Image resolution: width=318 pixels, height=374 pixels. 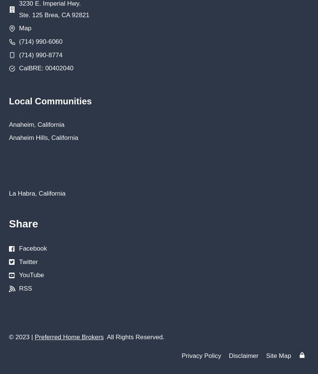 I want to click on 'Anaheim Hills, California', so click(x=43, y=137).